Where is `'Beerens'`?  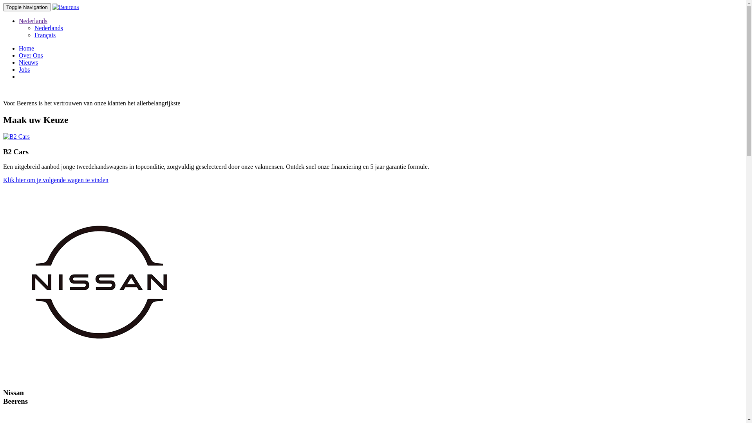
'Beerens' is located at coordinates (66, 7).